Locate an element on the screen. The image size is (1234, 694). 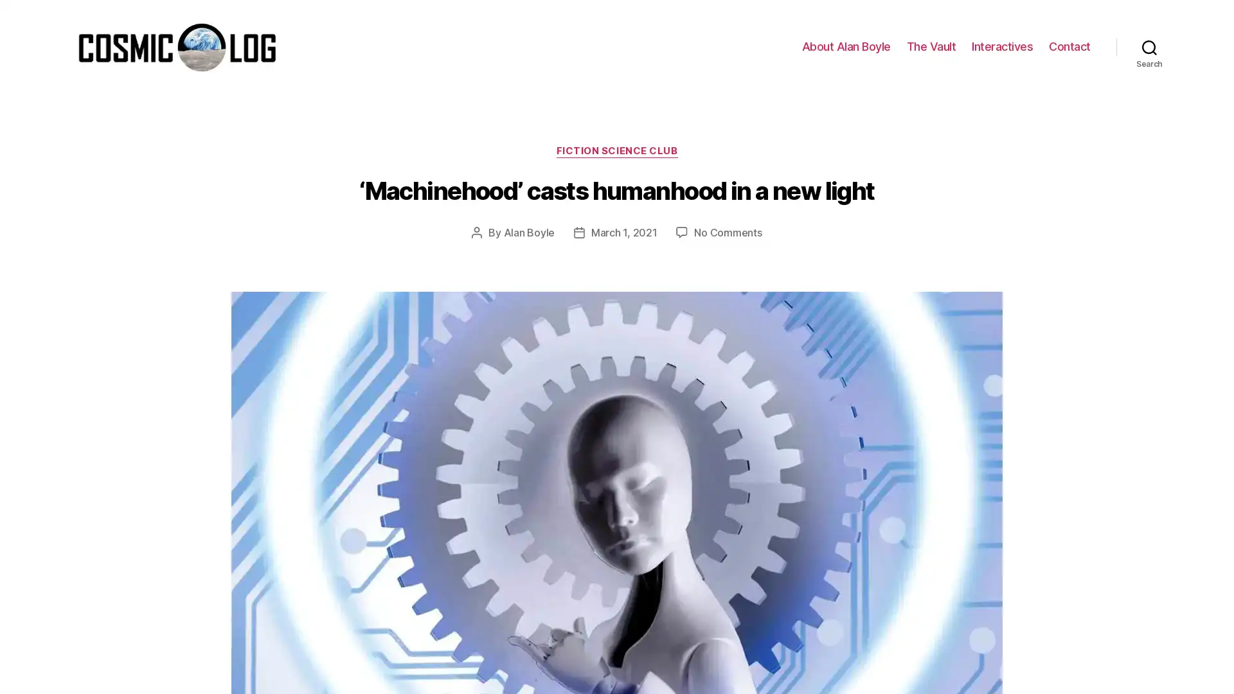
Search is located at coordinates (1149, 46).